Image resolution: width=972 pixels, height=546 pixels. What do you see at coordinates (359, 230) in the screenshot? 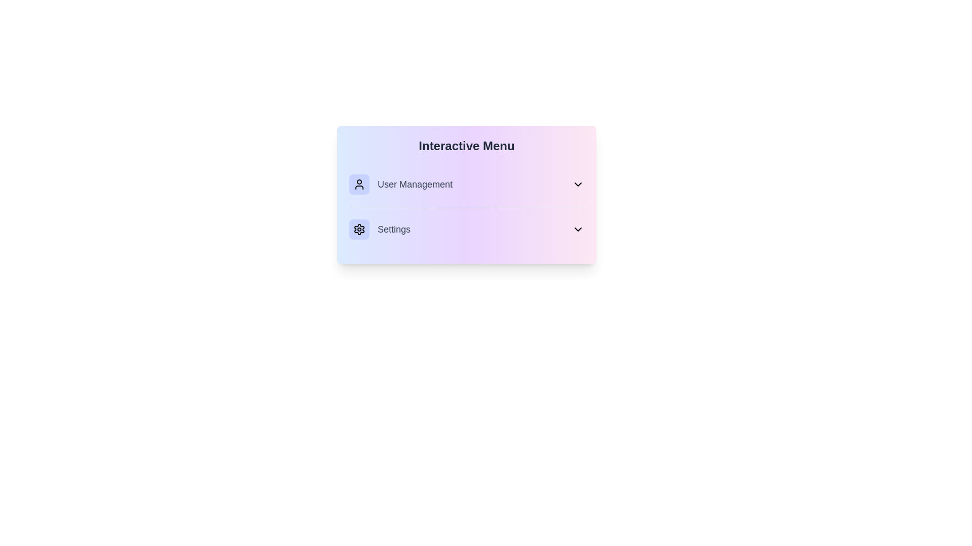
I see `the menu item Settings` at bounding box center [359, 230].